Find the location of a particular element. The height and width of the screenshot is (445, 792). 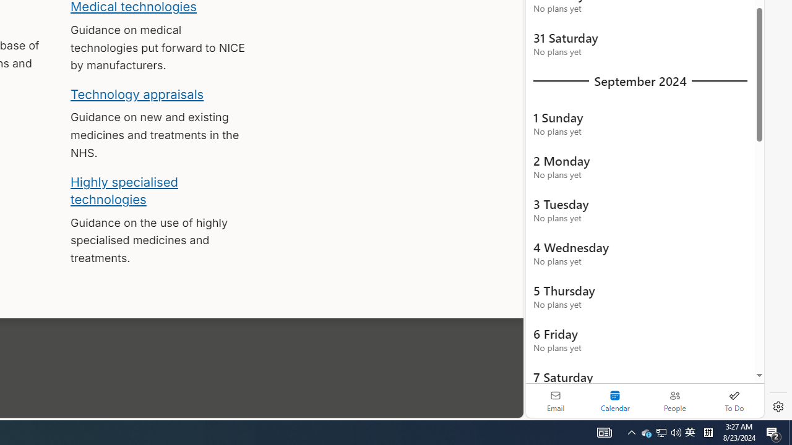

'People' is located at coordinates (674, 400).